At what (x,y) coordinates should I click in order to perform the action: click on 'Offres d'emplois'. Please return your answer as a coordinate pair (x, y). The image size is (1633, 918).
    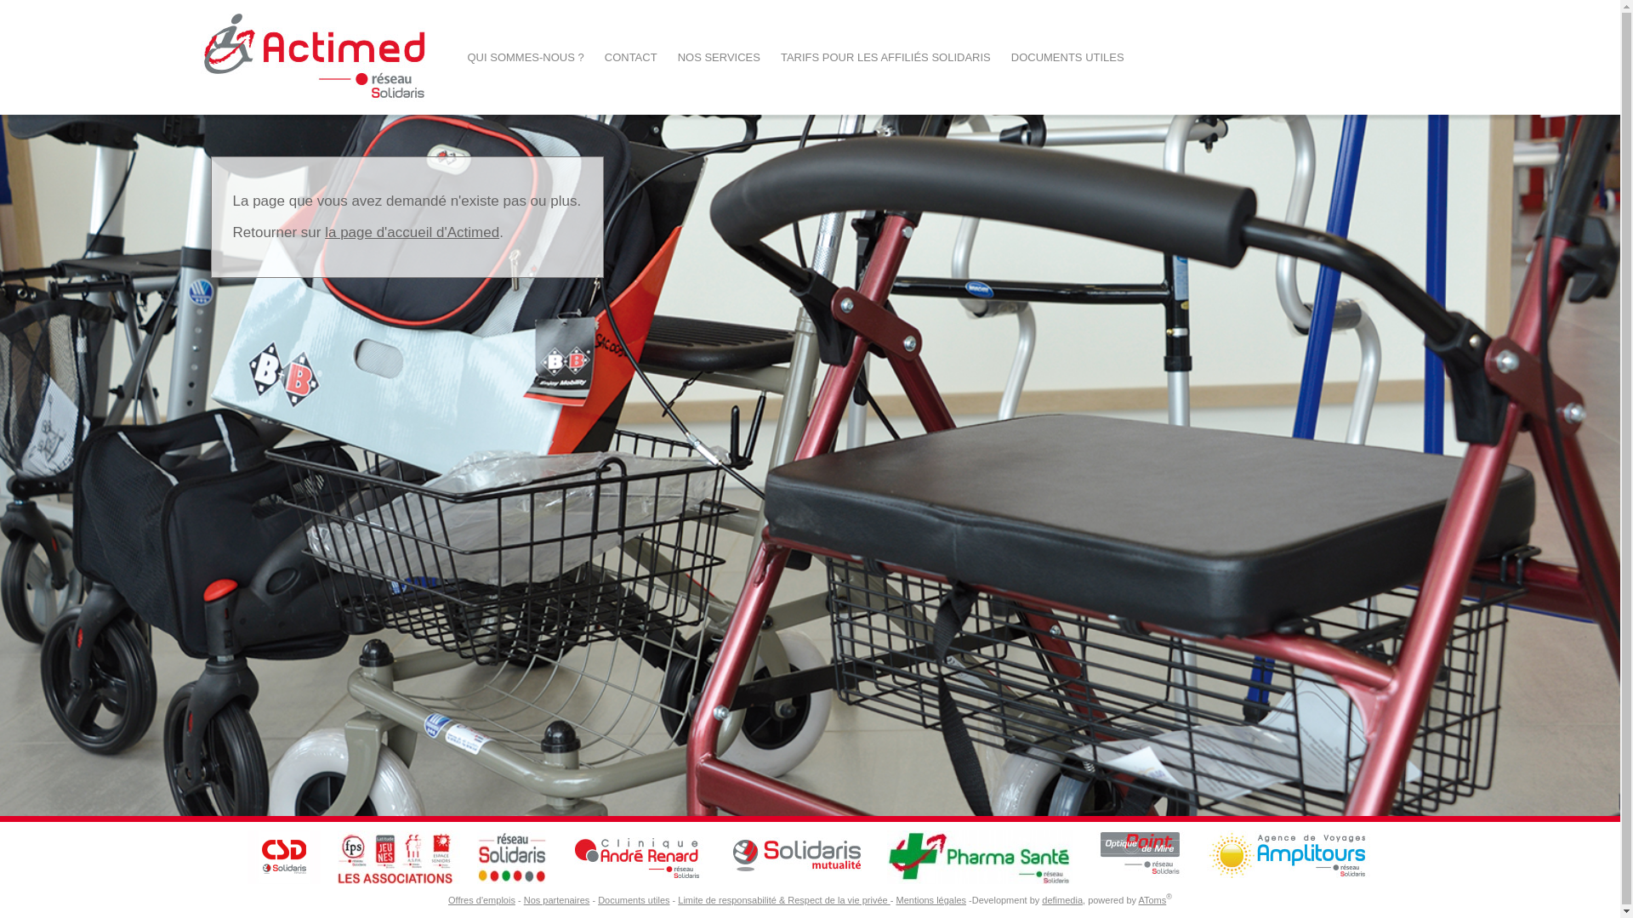
    Looking at the image, I should click on (481, 899).